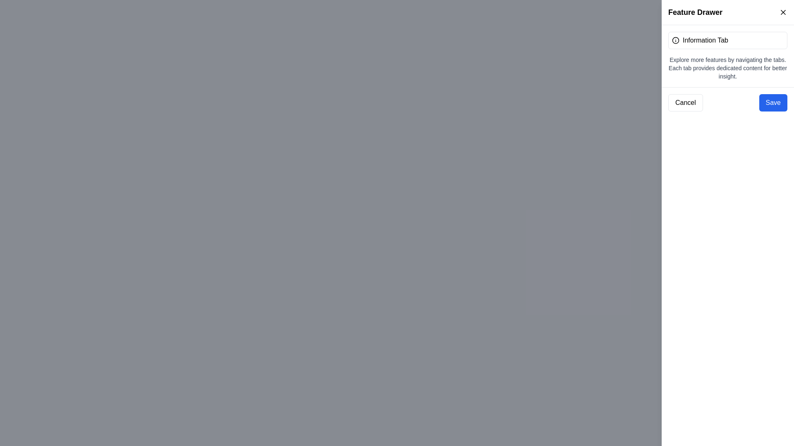 Image resolution: width=794 pixels, height=446 pixels. What do you see at coordinates (675, 40) in the screenshot?
I see `the circular graphic element with a black stroke that is part of the information icon in the Feature Drawer located at the top right panel` at bounding box center [675, 40].